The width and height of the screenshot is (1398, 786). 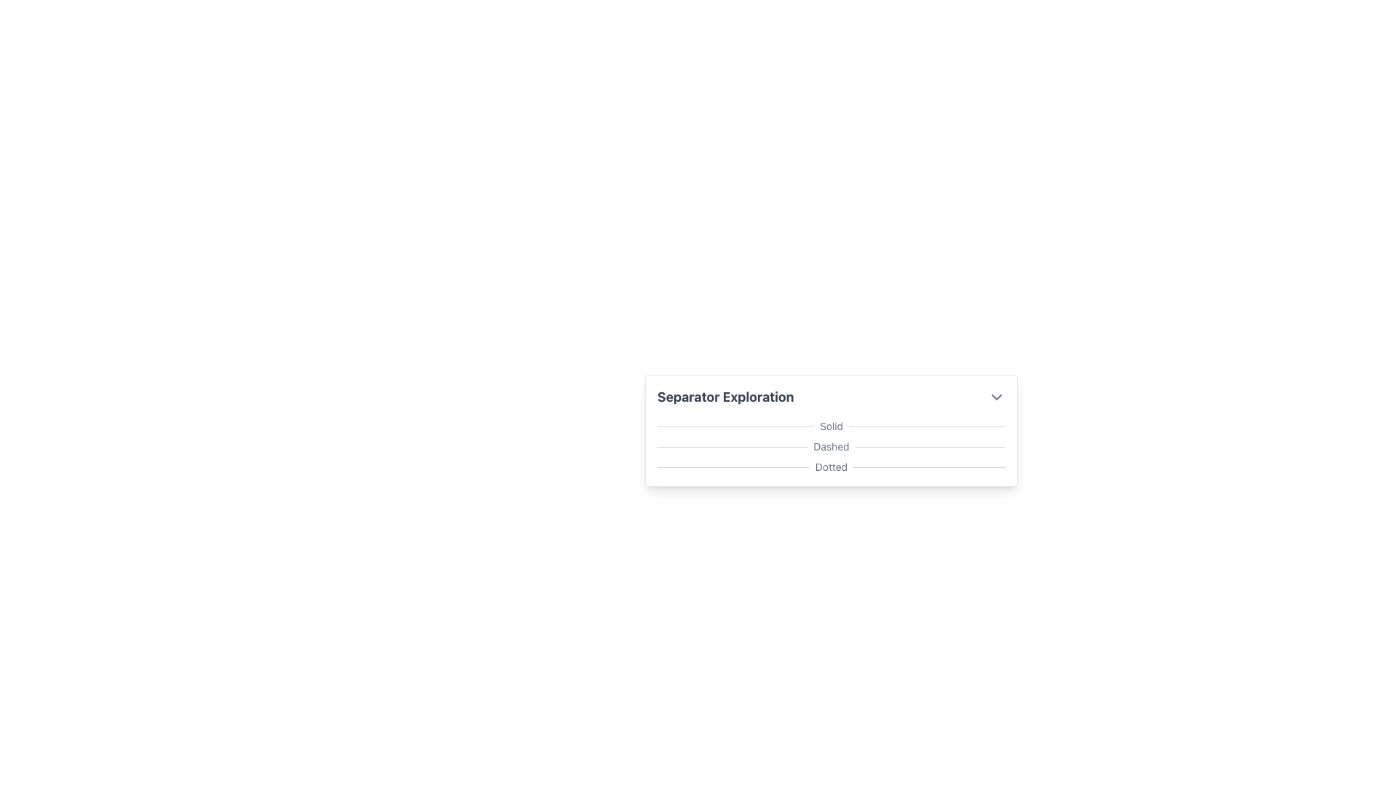 I want to click on the Dotted separator element, which features a horizontal dotted line pattern with the label 'Dotted' centered within it, styled in a smaller grayed-out font, so click(x=832, y=467).